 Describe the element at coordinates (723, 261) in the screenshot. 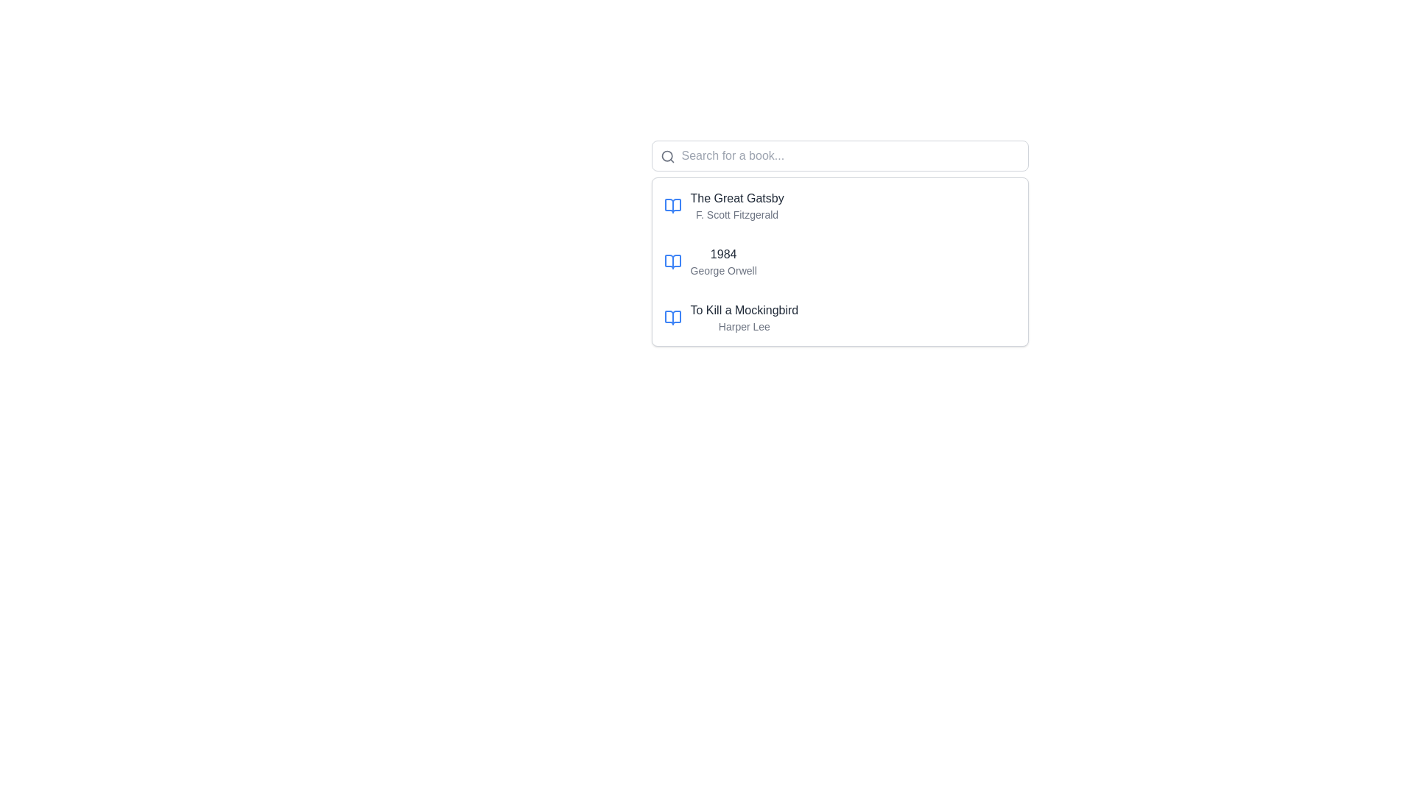

I see `the static text element displaying the book title '1984' by author George Orwell, which is centrally positioned in a vertical list of book listings` at that location.